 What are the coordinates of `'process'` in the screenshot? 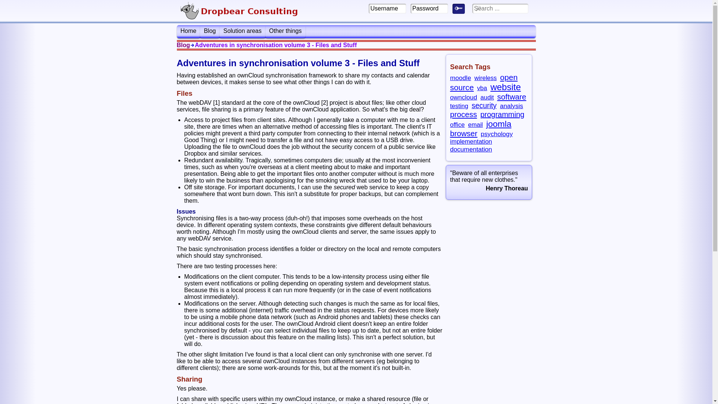 It's located at (463, 114).